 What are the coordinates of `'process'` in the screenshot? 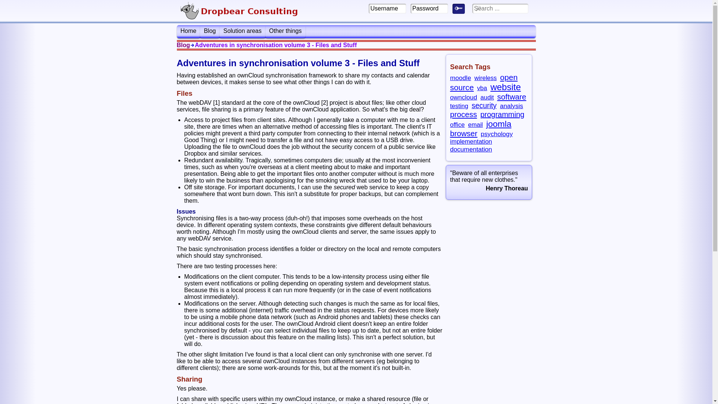 It's located at (463, 114).